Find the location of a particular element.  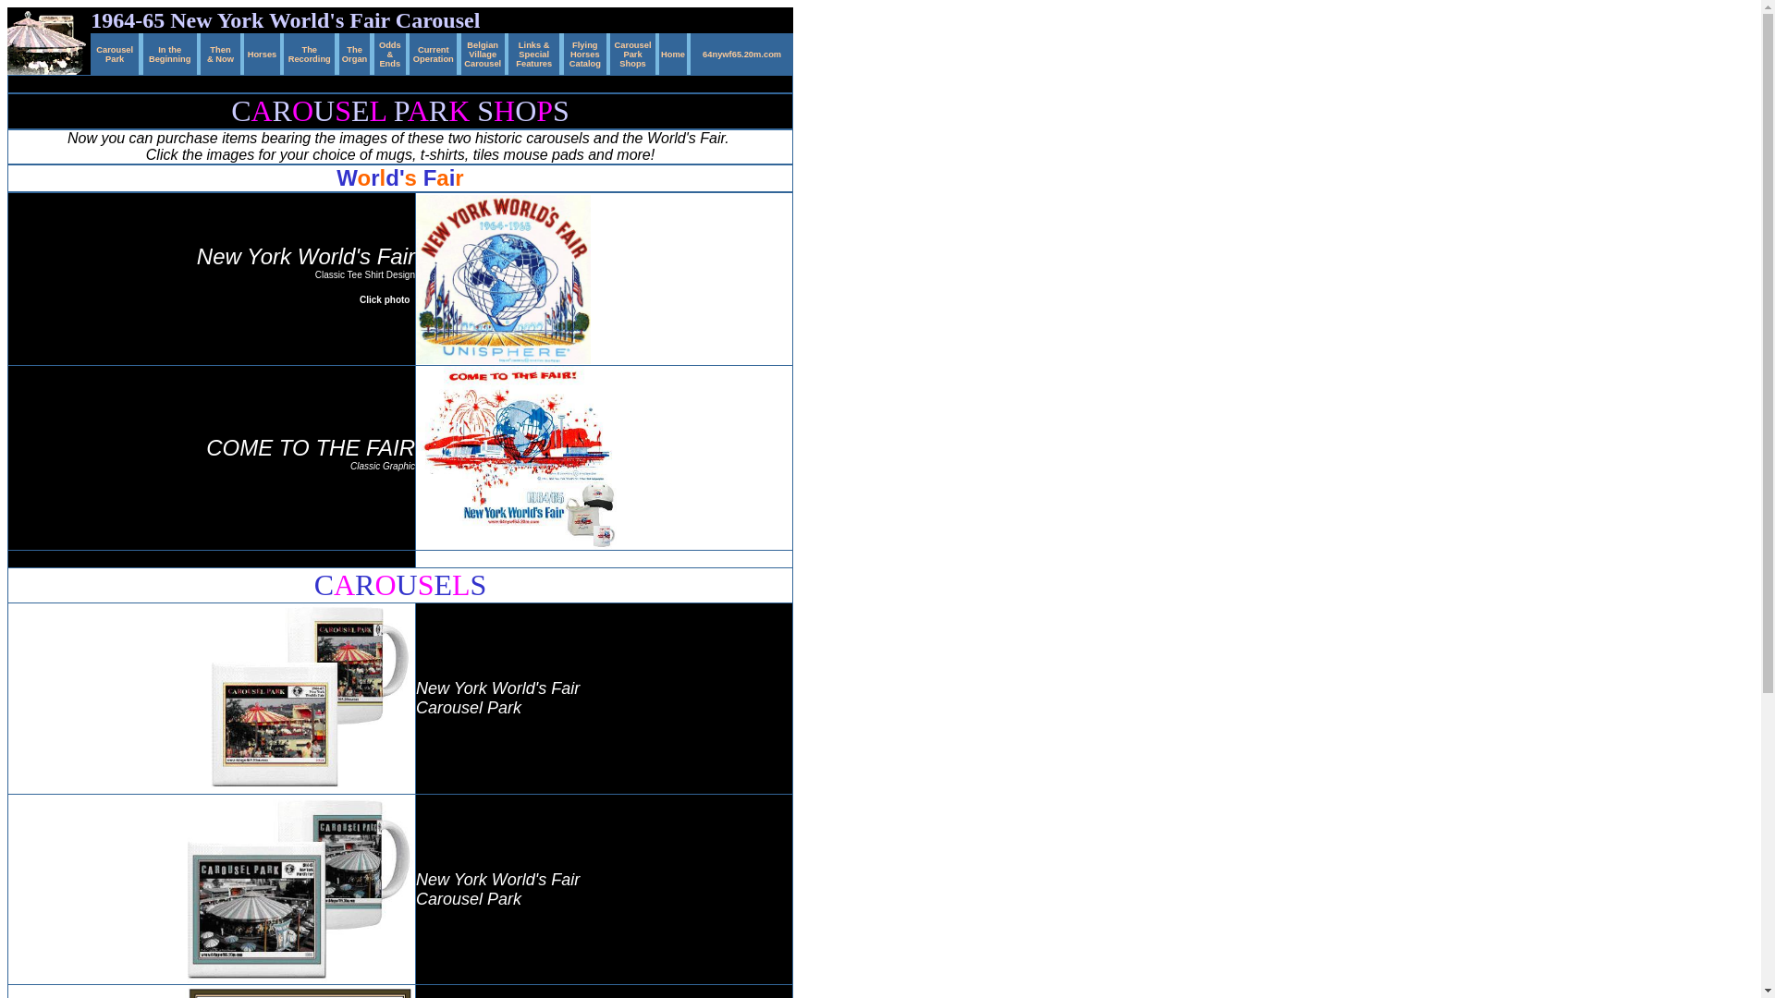

'Current Operation' is located at coordinates (411, 51).